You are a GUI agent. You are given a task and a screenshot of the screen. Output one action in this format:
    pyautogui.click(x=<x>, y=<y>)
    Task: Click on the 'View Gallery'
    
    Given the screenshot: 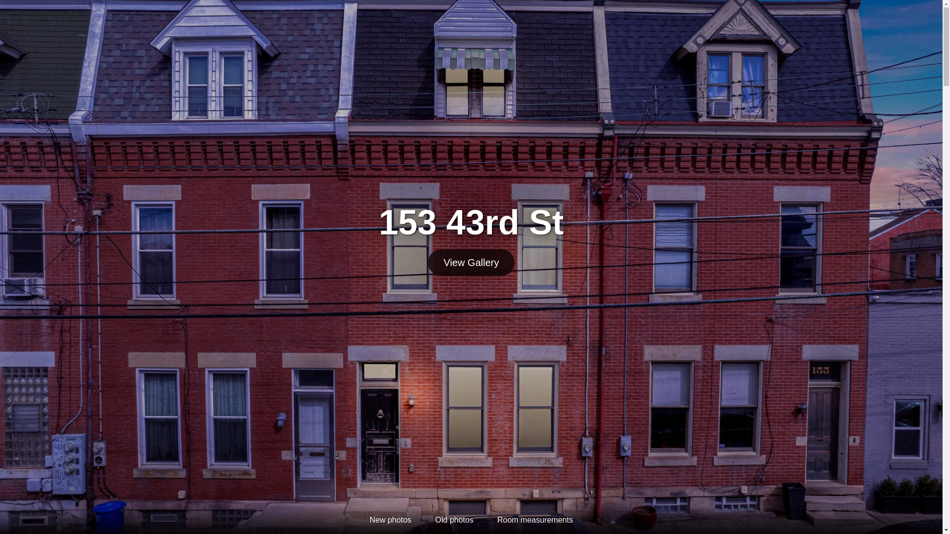 What is the action you would take?
    pyautogui.click(x=471, y=262)
    